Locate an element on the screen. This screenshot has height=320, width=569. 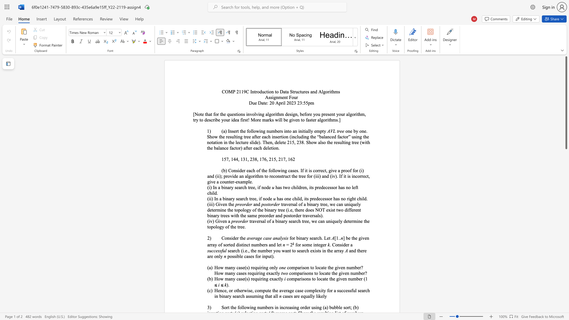
the 3th character "i" in the text is located at coordinates (212, 204).